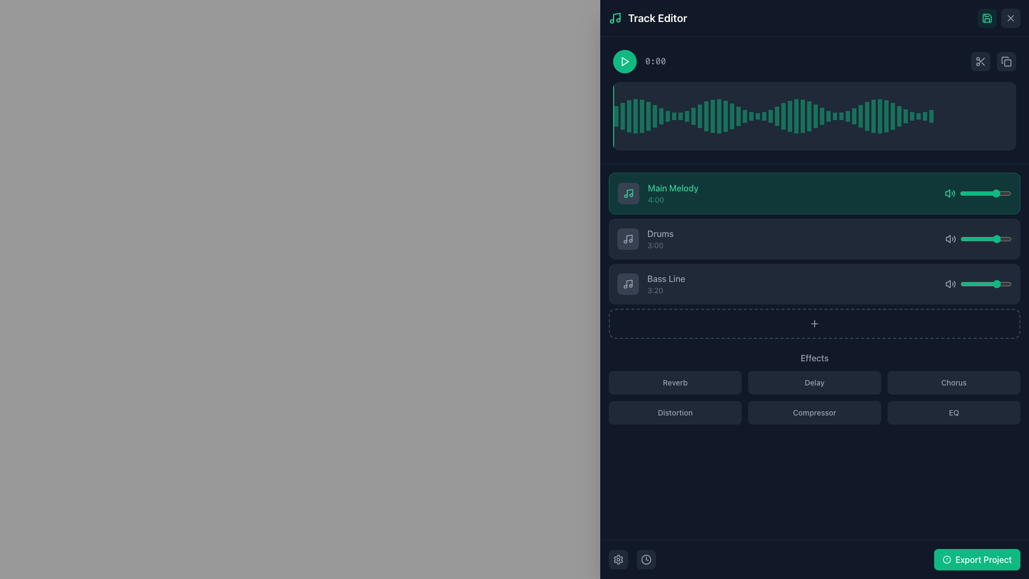 The width and height of the screenshot is (1029, 579). I want to click on the position of the 27th graphical bar (waveform marker) in the waveform display by clicking on it, so click(784, 116).